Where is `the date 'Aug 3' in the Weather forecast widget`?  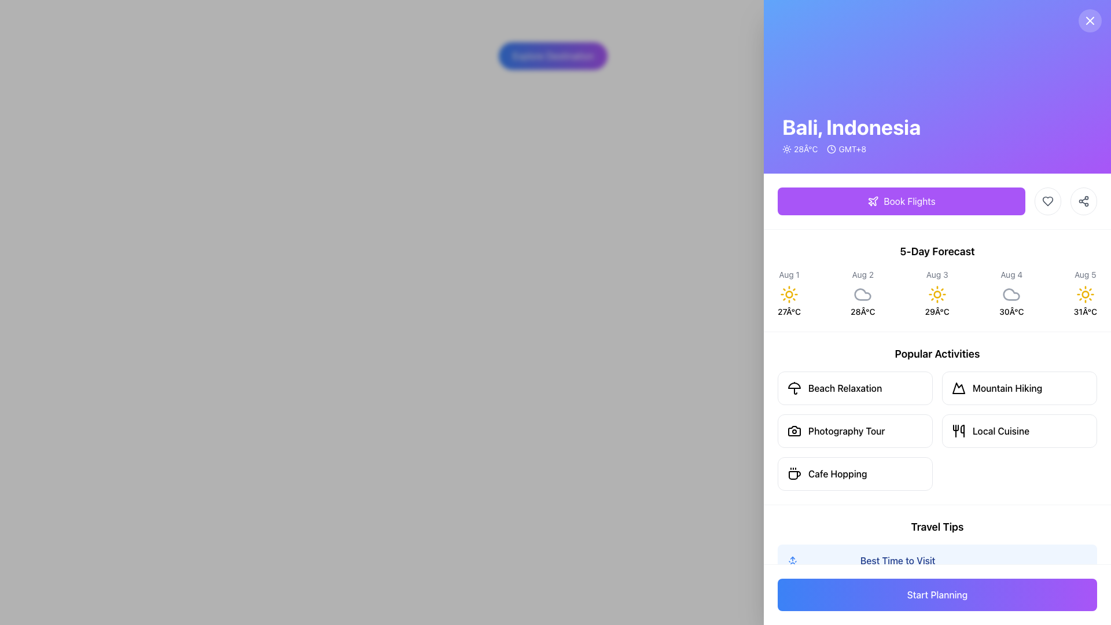 the date 'Aug 3' in the Weather forecast widget is located at coordinates (937, 292).